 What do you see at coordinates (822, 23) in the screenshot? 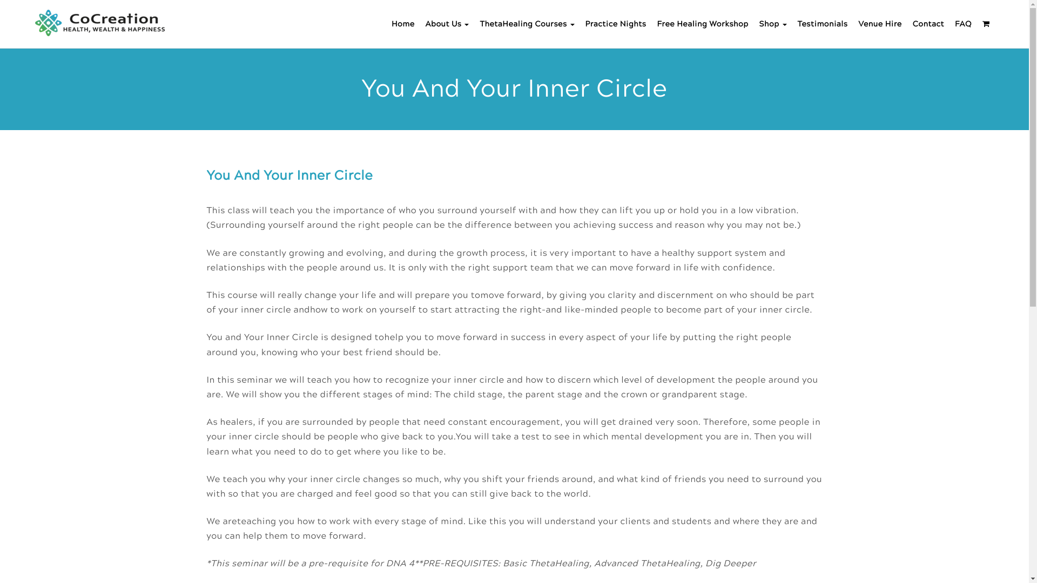
I see `'Testimonials'` at bounding box center [822, 23].